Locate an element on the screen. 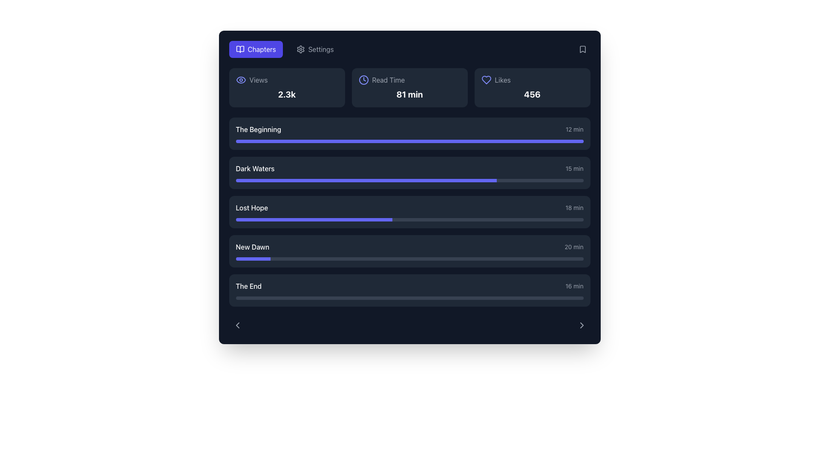  the bookmark icon located in the top right corner of the interface is located at coordinates (582, 49).